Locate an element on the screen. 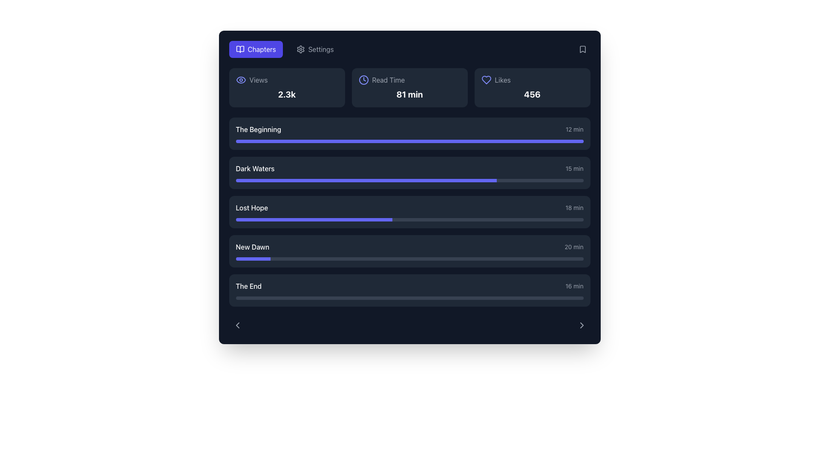  the bookmark icon located in the top right corner of the interface is located at coordinates (582, 49).